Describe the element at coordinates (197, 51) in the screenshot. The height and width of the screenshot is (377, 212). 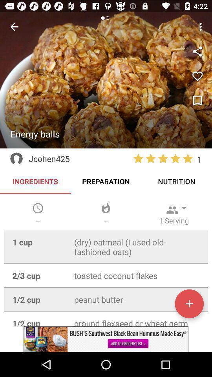
I see `the share icon` at that location.